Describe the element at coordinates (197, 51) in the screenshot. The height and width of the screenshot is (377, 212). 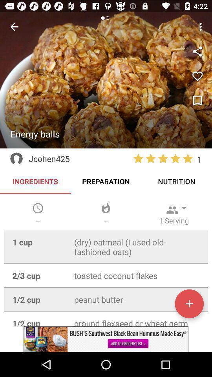
I see `the share icon` at that location.